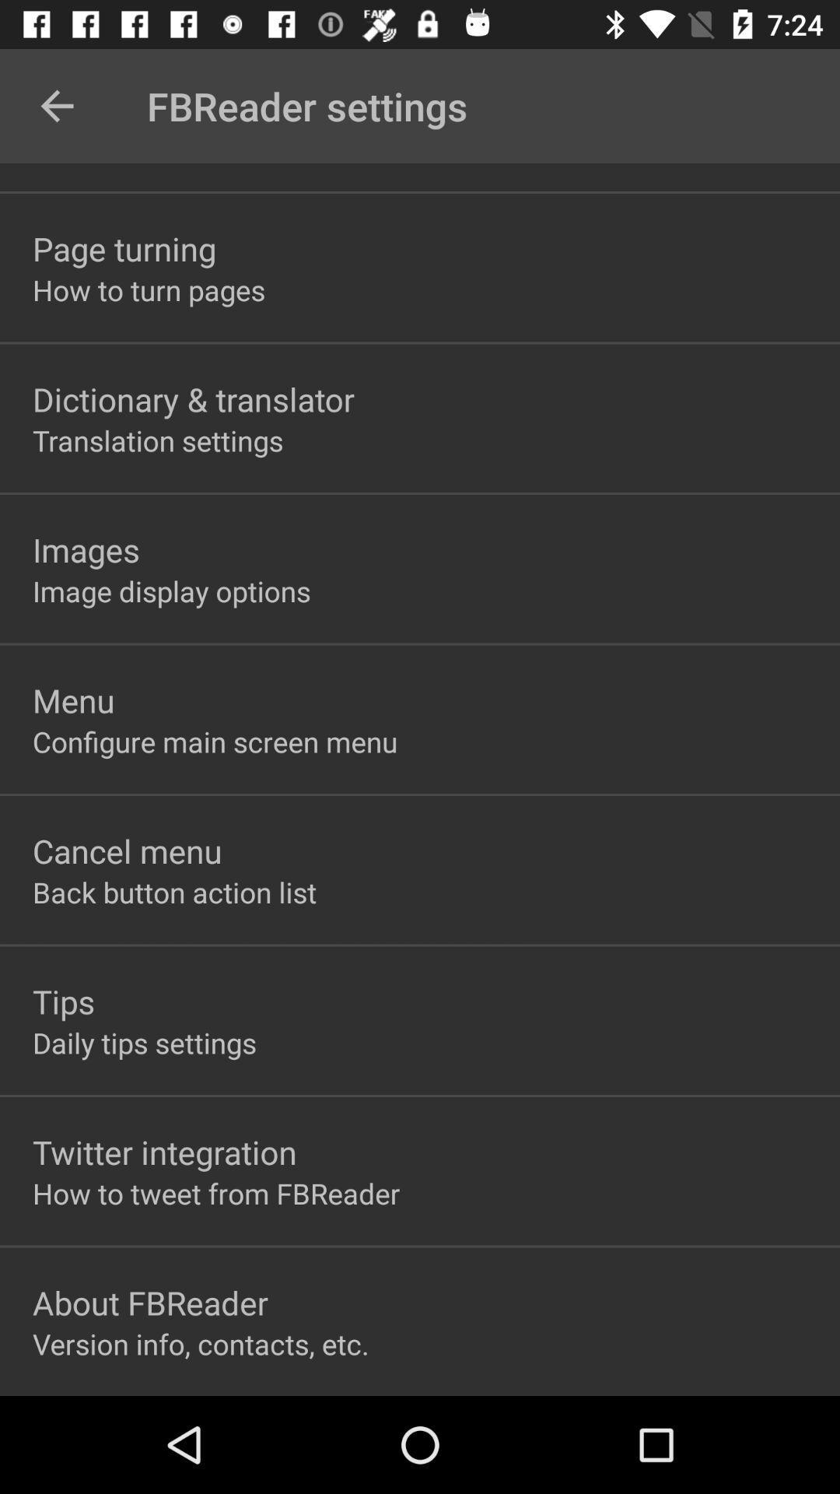  Describe the element at coordinates (150, 1303) in the screenshot. I see `the item above the version info contacts item` at that location.